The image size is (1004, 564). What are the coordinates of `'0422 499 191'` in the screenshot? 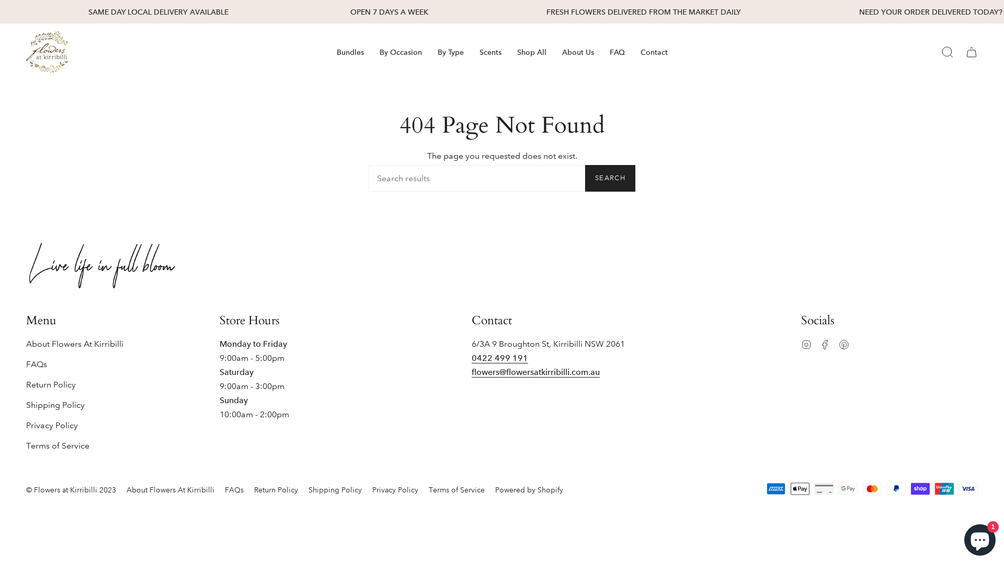 It's located at (499, 358).